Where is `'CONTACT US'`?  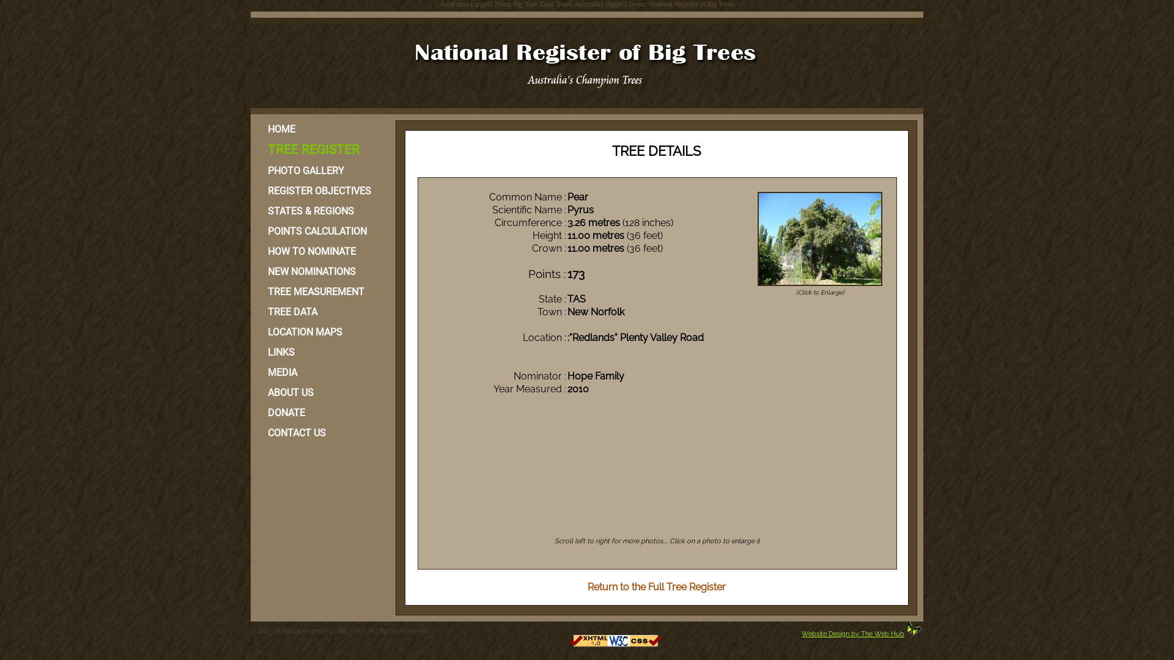
'CONTACT US' is located at coordinates (322, 432).